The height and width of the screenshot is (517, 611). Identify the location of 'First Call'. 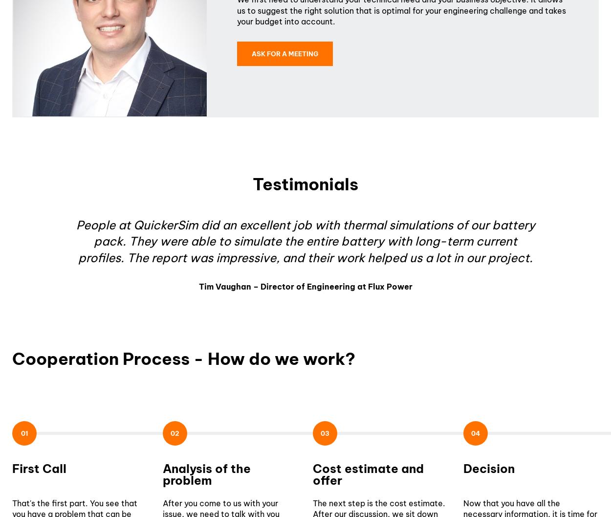
(39, 468).